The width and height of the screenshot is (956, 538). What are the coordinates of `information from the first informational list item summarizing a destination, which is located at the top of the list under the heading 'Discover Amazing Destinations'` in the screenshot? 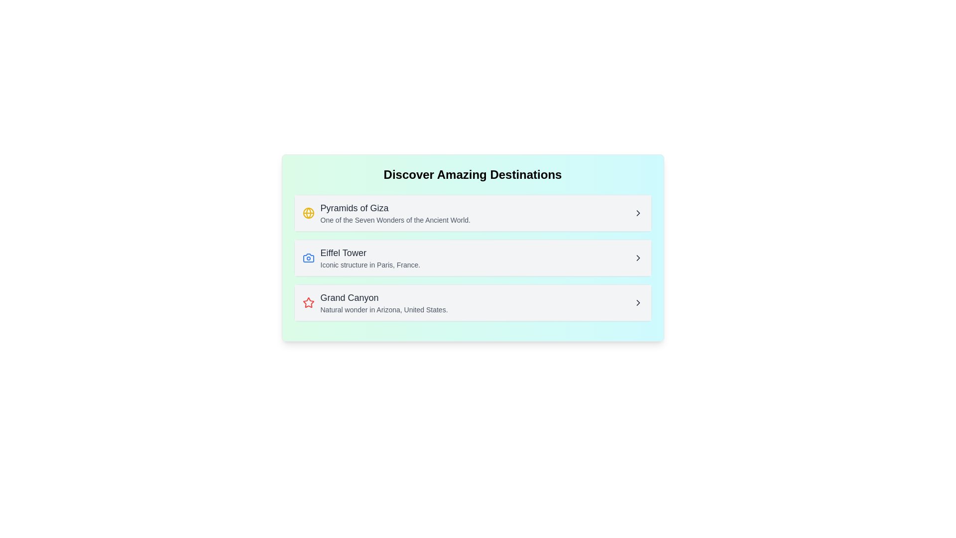 It's located at (386, 213).